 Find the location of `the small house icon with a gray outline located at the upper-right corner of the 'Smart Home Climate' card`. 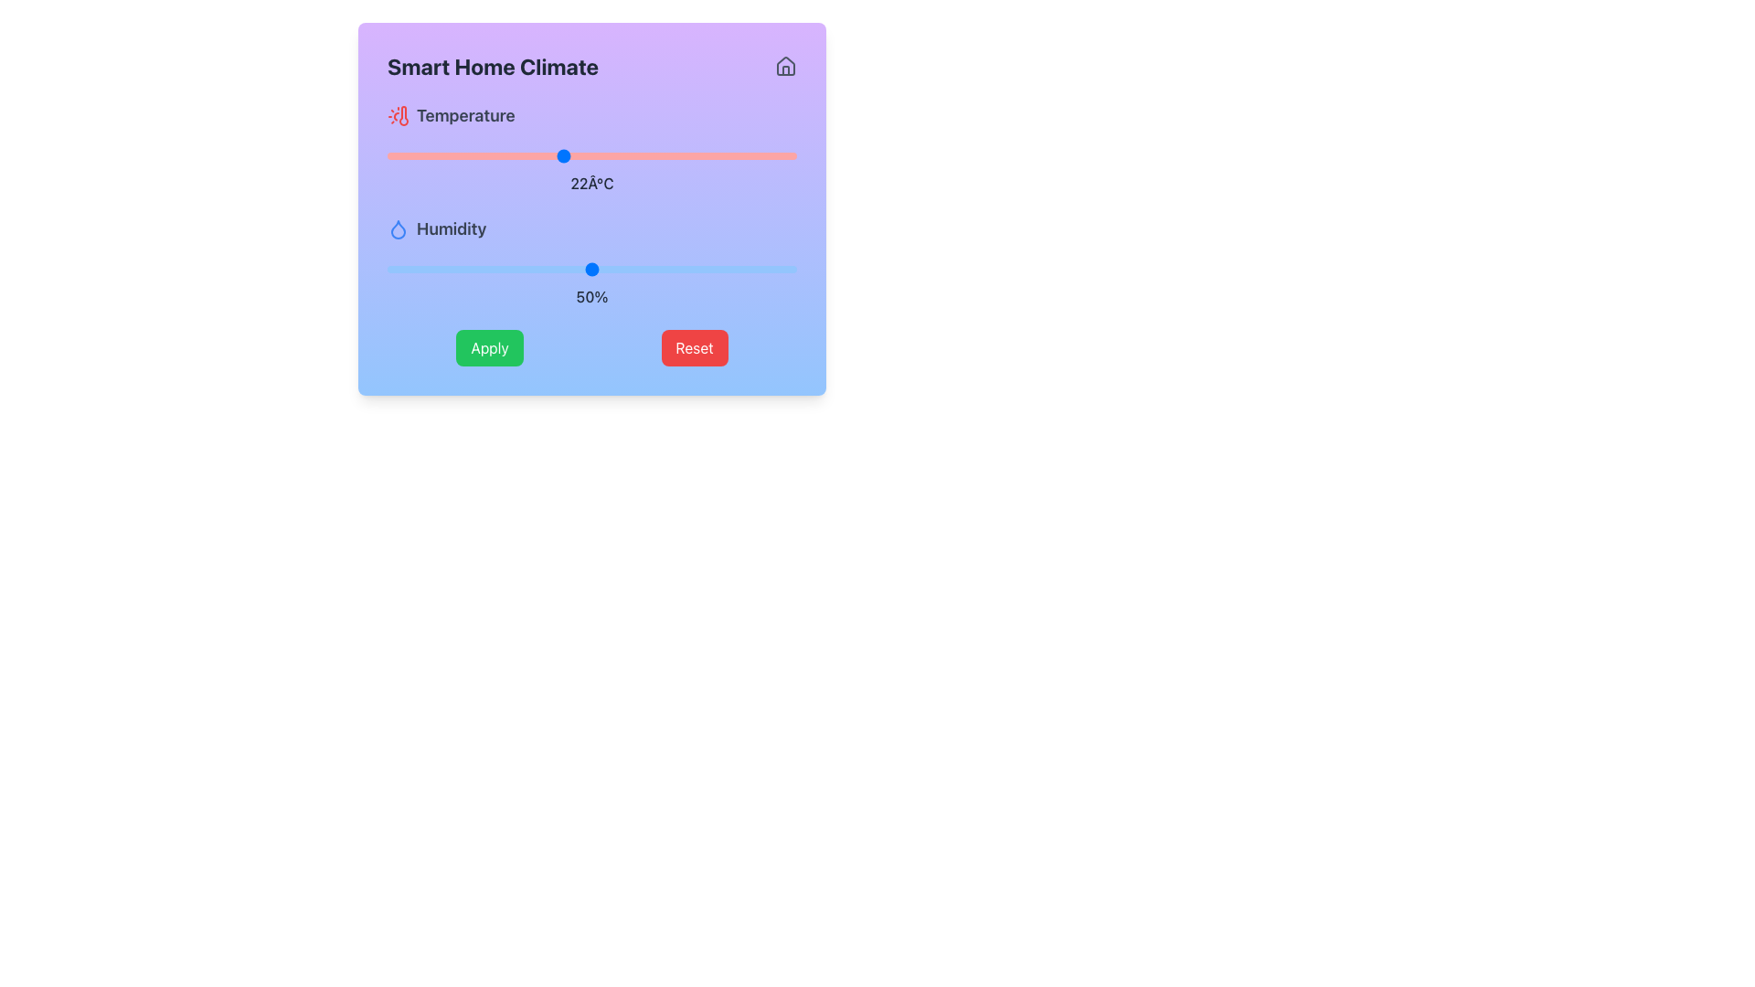

the small house icon with a gray outline located at the upper-right corner of the 'Smart Home Climate' card is located at coordinates (785, 66).